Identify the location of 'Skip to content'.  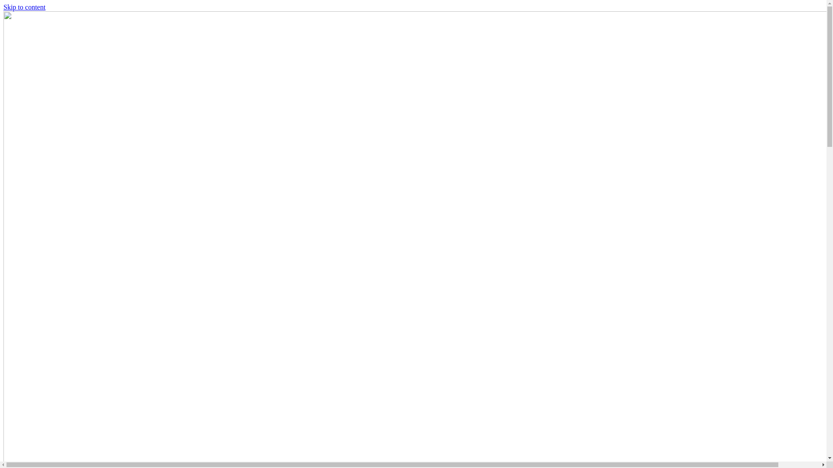
(24, 7).